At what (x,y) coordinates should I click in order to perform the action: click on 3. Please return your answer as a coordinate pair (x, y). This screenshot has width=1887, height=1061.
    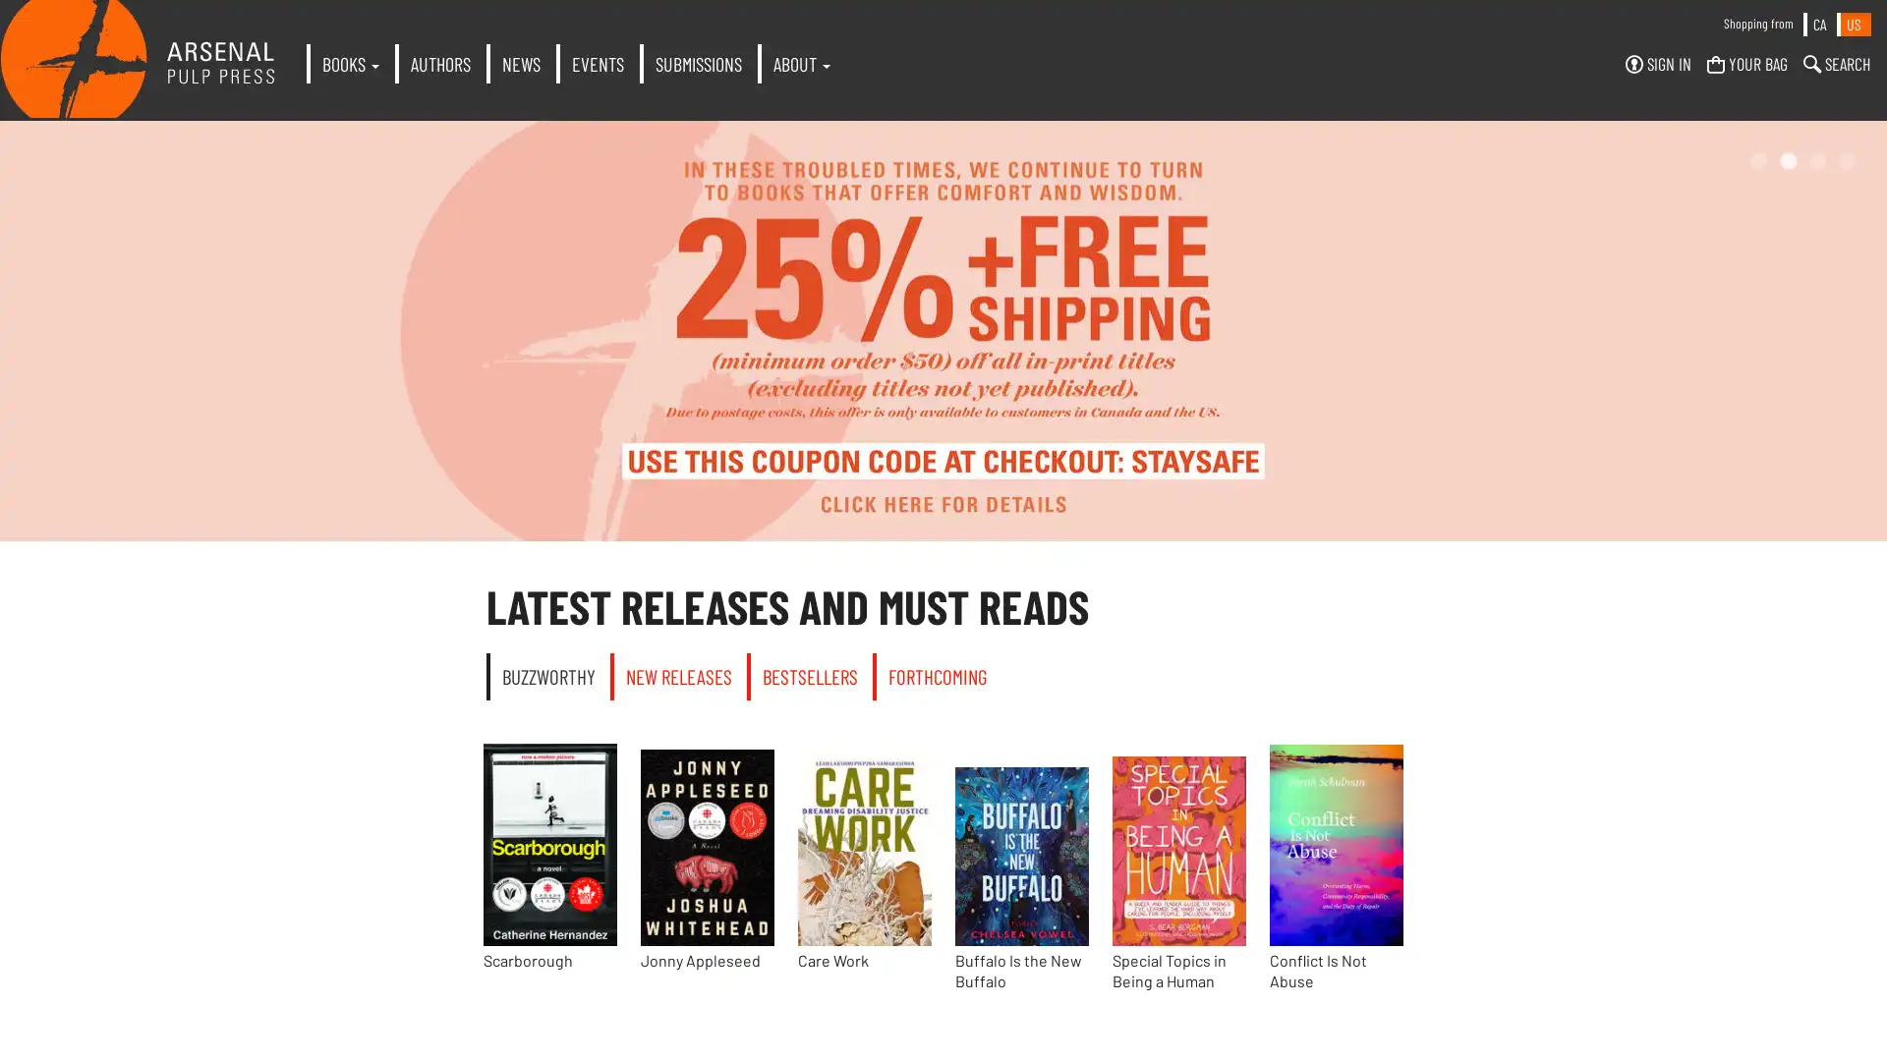
    Looking at the image, I should click on (1816, 161).